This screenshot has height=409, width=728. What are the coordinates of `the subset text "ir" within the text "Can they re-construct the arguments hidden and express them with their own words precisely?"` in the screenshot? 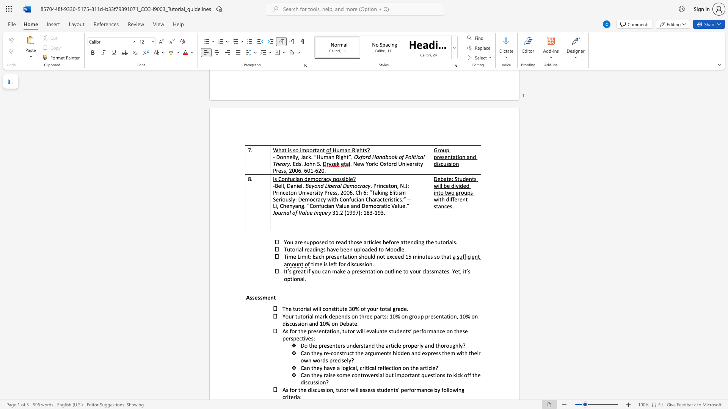 It's located at (477, 353).